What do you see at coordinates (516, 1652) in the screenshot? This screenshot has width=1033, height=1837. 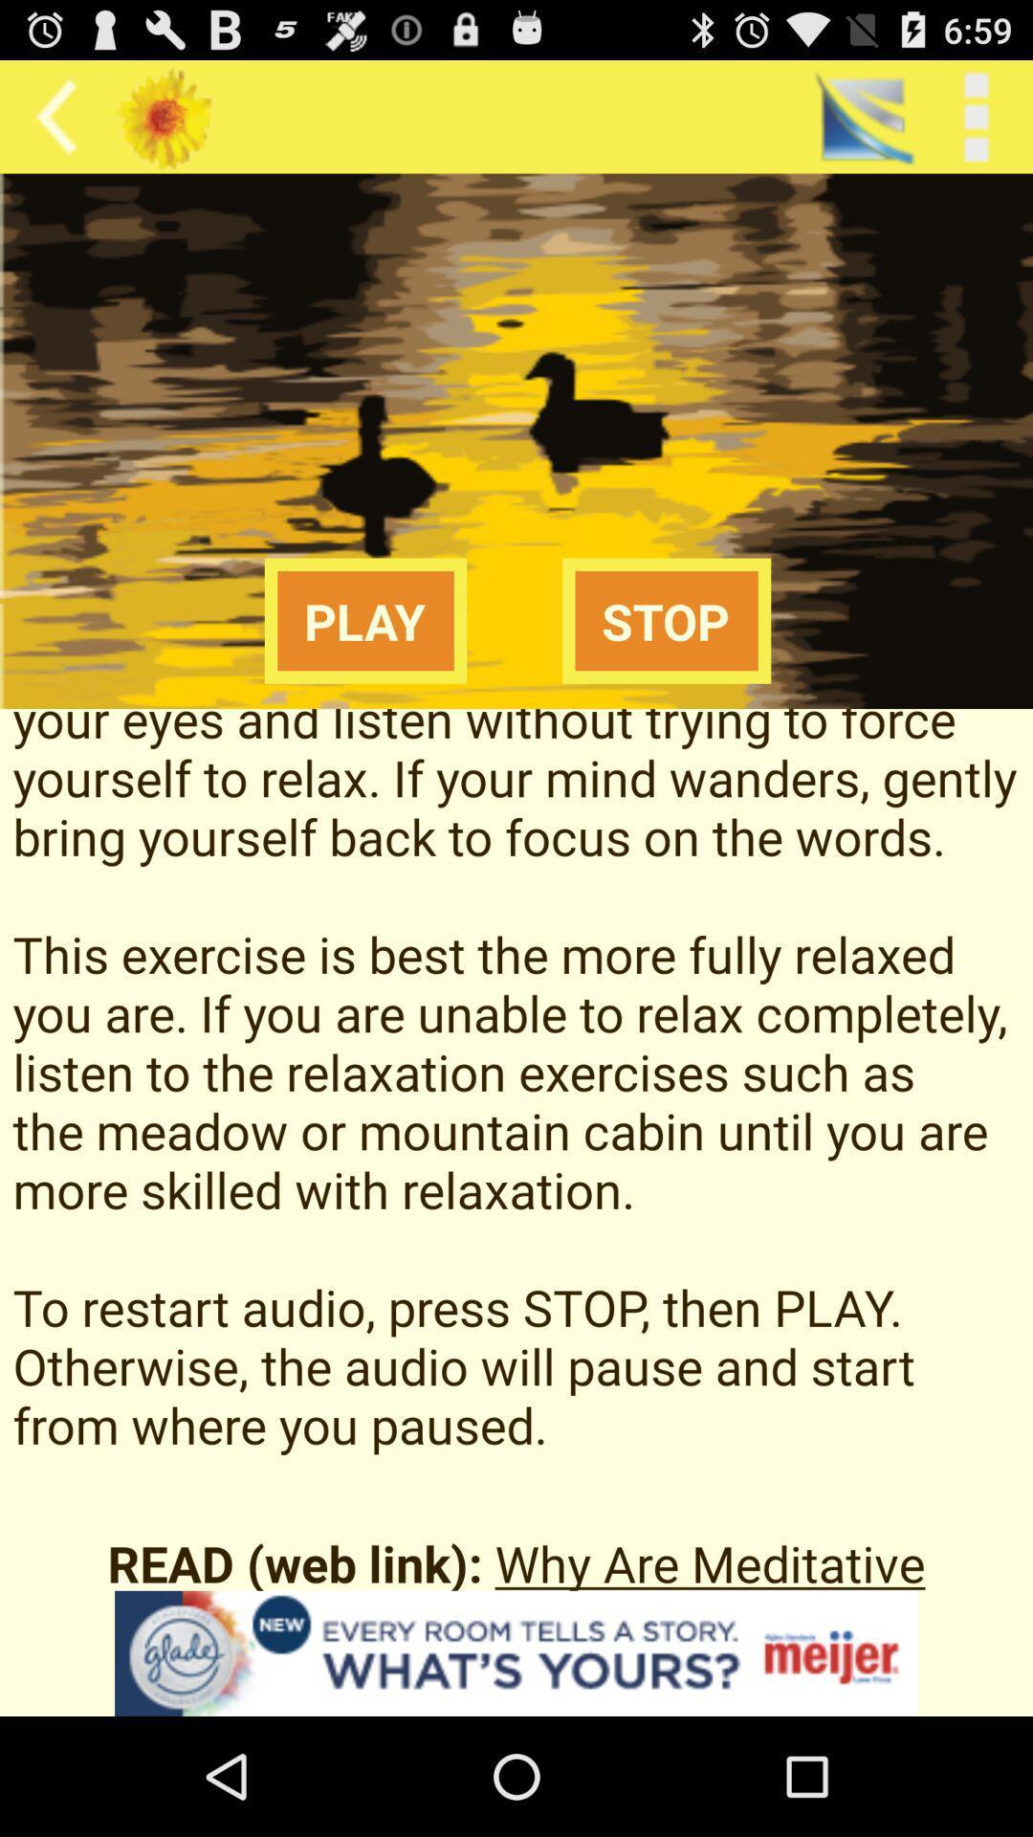 I see `advertisement` at bounding box center [516, 1652].